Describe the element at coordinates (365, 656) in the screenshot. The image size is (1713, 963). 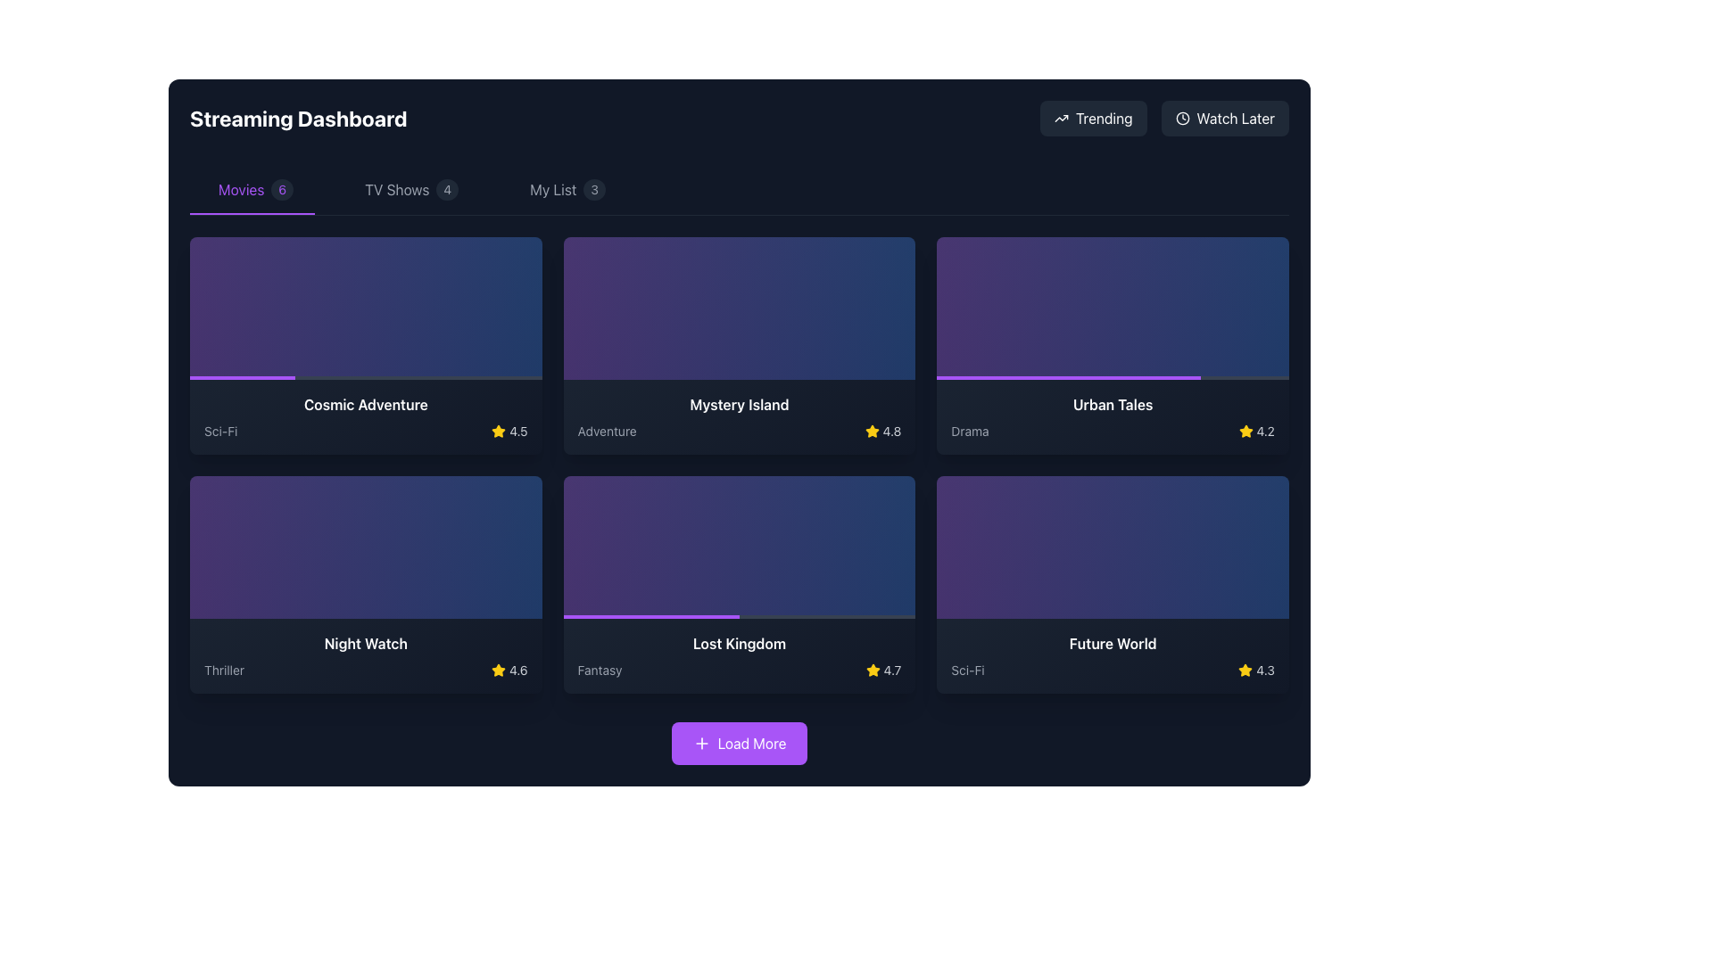
I see `the Movie information card for 'Night Watch' located at the center of the second row in the movie browsing grid` at that location.